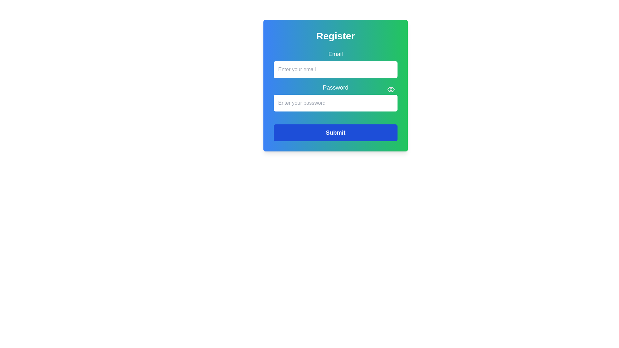 Image resolution: width=619 pixels, height=348 pixels. Describe the element at coordinates (335, 97) in the screenshot. I see `the password input field located below the email input field and above the submit button in the registration form to focus on it` at that location.